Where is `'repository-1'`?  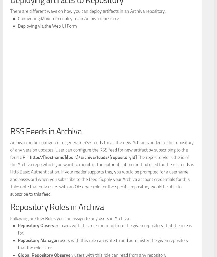
'repository-1' is located at coordinates (48, 15).